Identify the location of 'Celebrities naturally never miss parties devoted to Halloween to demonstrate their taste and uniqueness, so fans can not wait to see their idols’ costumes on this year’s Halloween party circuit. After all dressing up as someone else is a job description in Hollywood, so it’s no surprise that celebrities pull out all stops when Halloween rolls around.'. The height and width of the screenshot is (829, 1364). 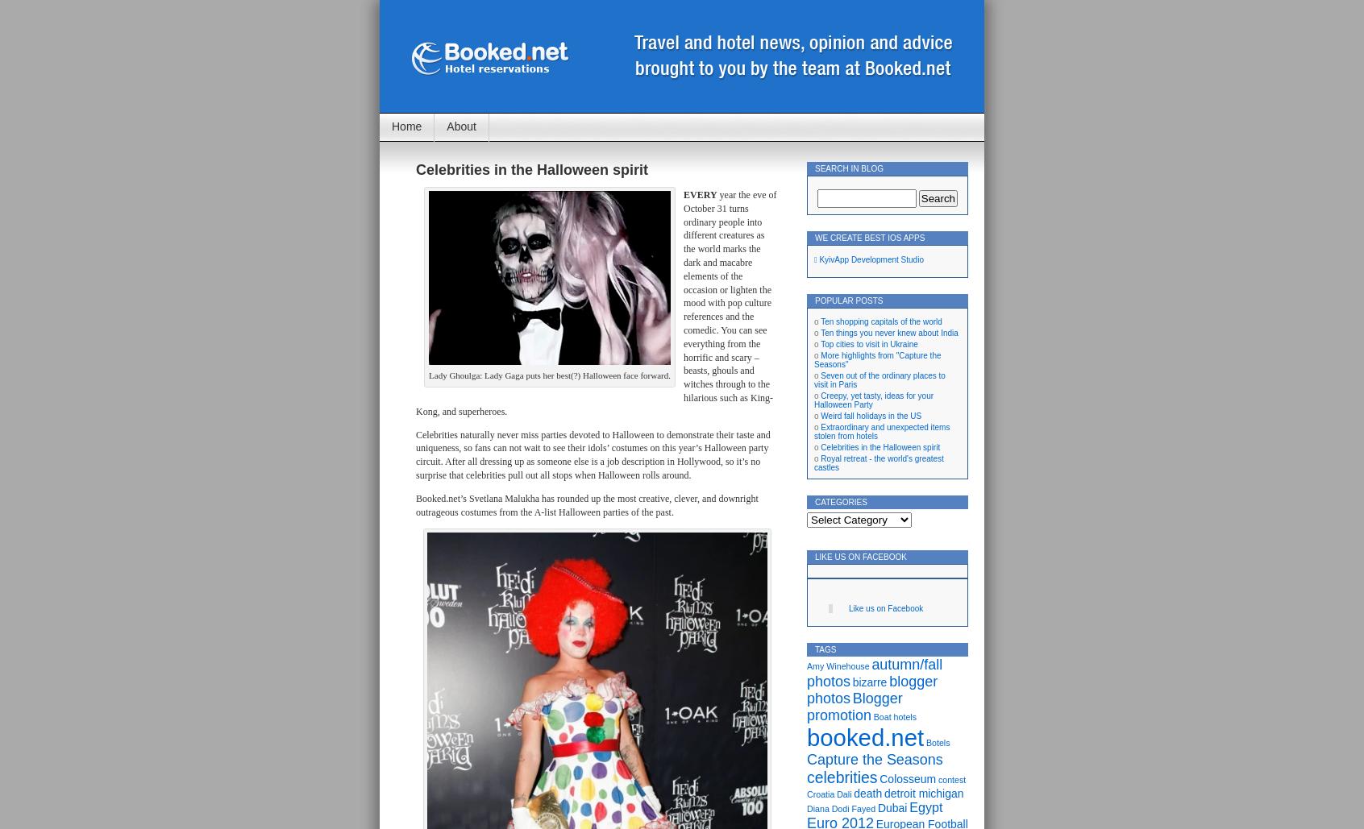
(416, 453).